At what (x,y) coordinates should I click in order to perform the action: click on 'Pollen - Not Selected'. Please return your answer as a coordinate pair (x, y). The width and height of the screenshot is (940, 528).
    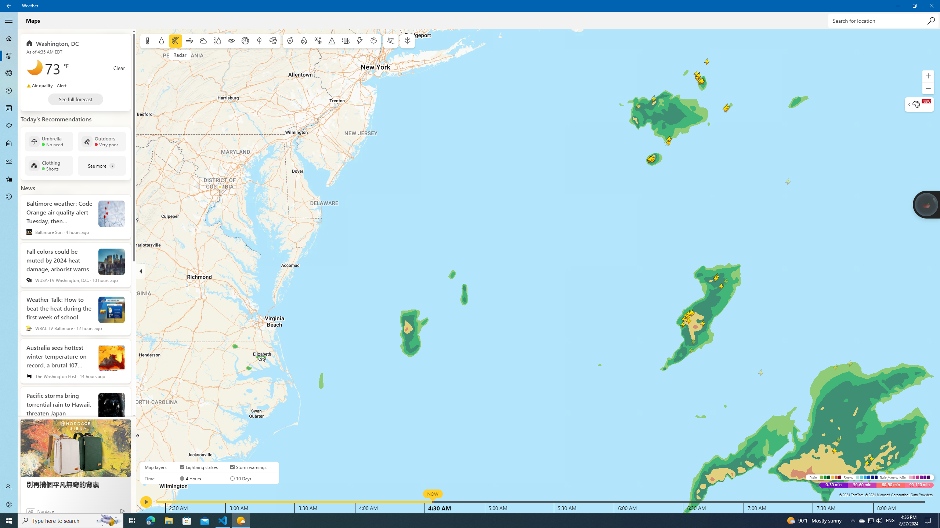
    Looking at the image, I should click on (9, 126).